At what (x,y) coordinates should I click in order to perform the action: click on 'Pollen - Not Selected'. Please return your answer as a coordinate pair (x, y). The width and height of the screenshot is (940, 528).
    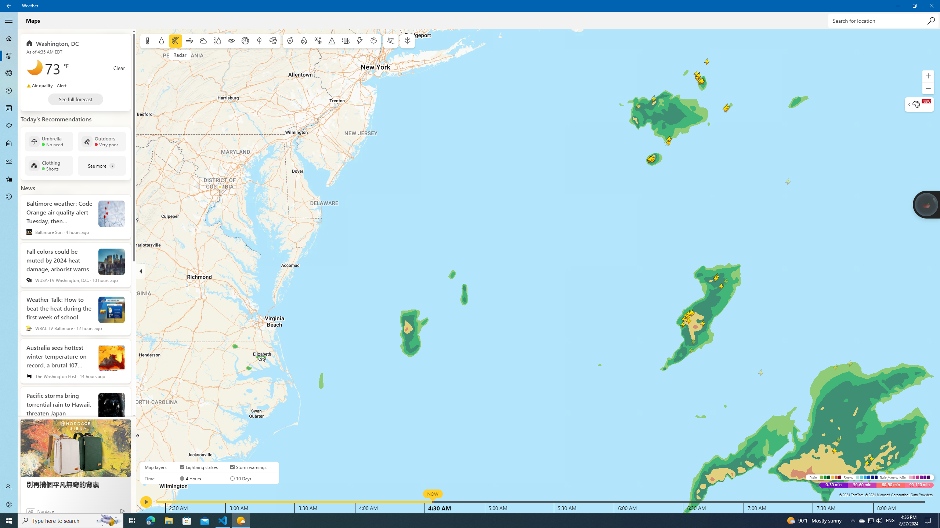
    Looking at the image, I should click on (9, 126).